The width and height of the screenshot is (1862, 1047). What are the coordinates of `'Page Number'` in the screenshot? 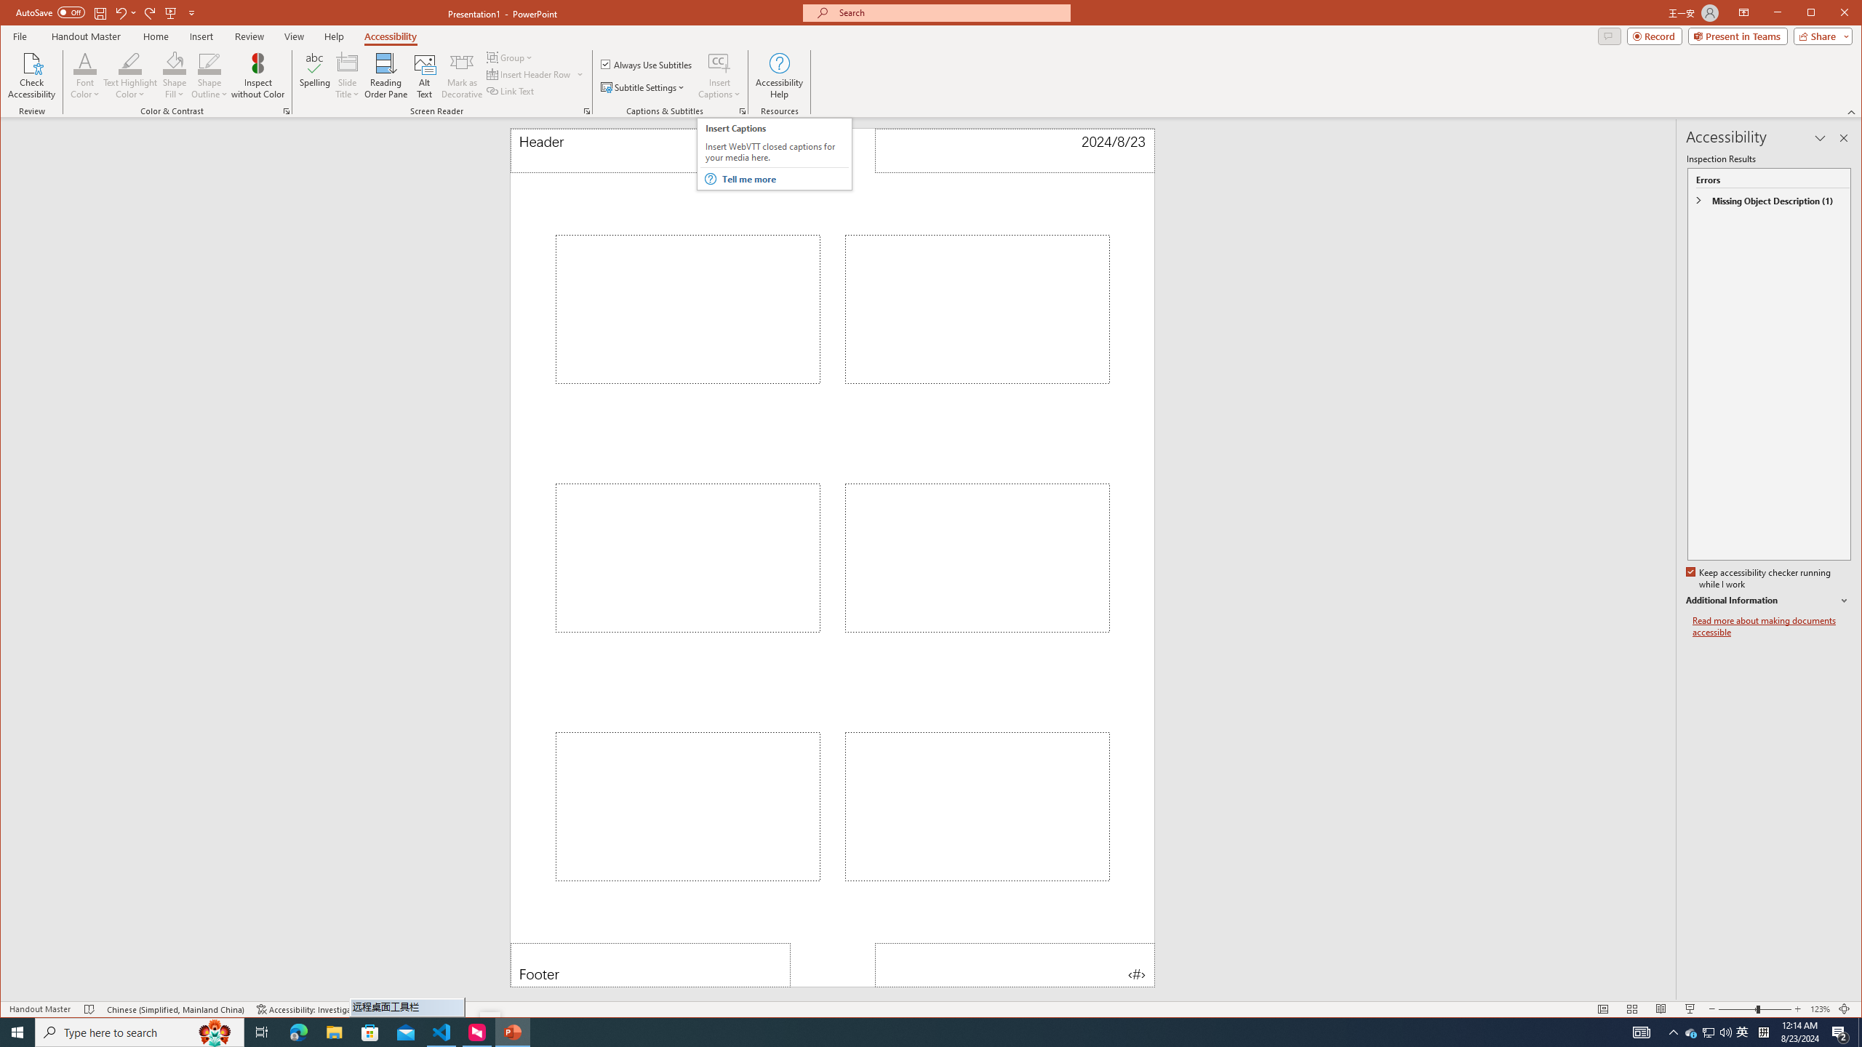 It's located at (1014, 964).